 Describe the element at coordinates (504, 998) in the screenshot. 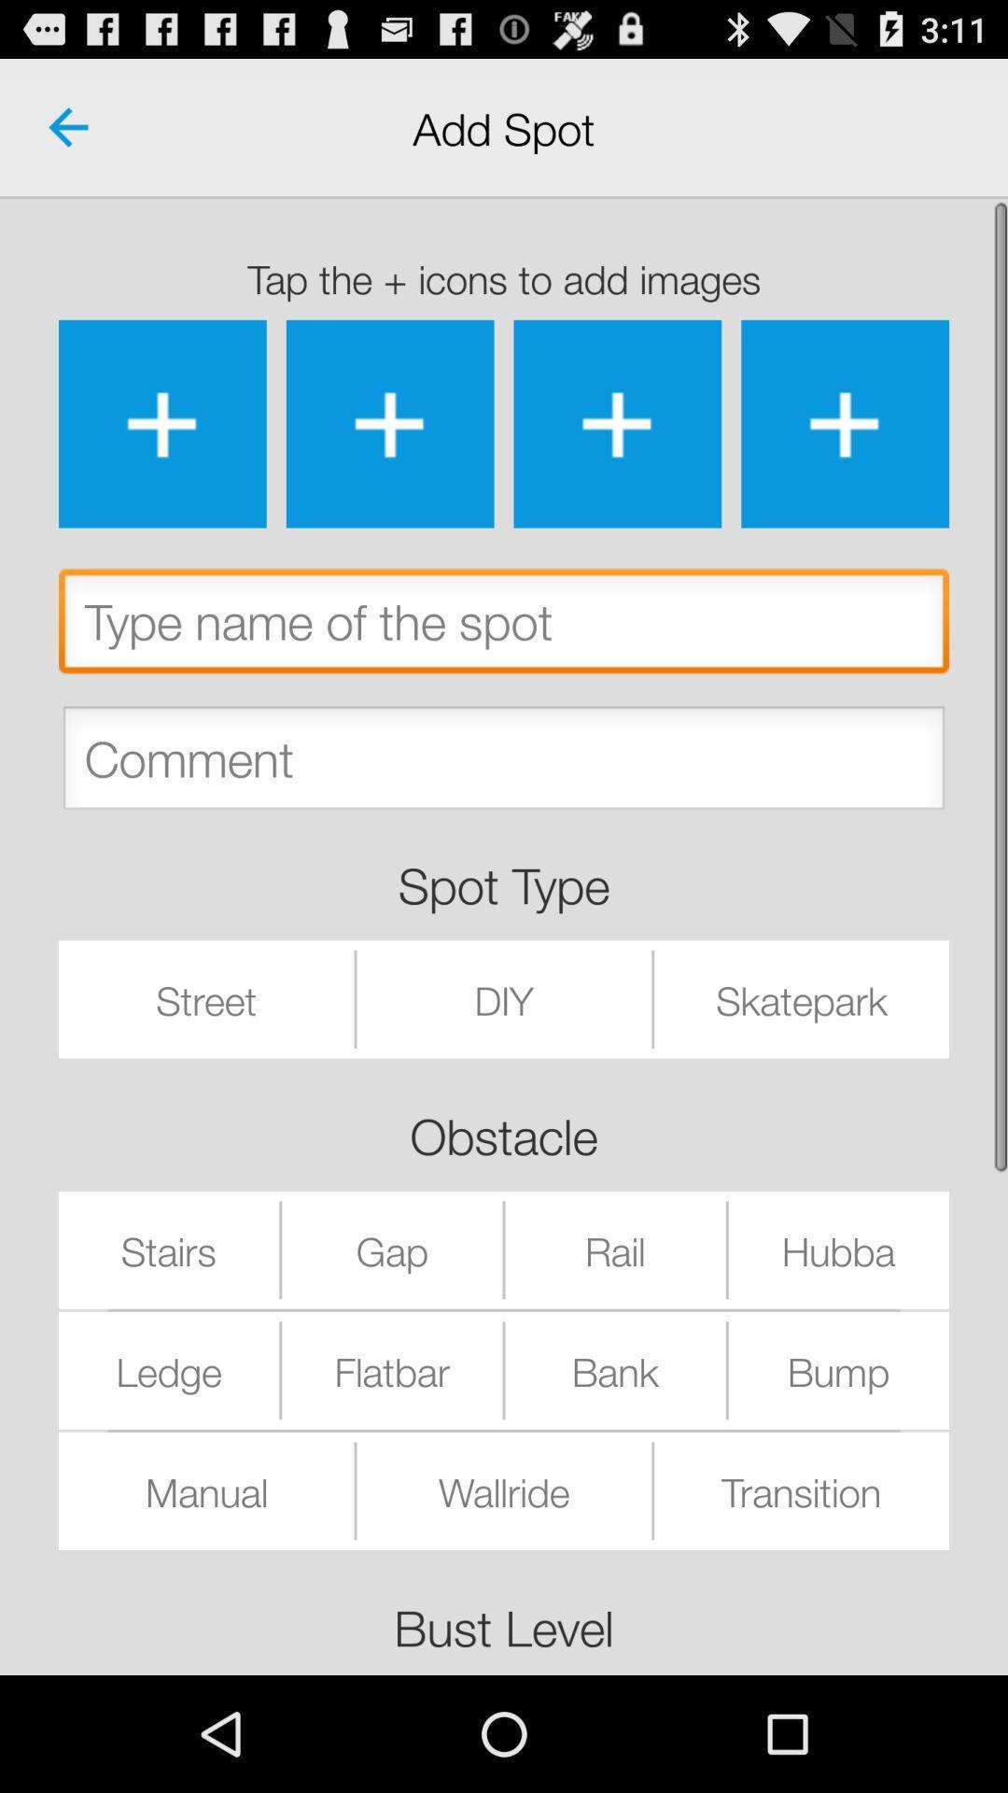

I see `item above the obstacle` at that location.